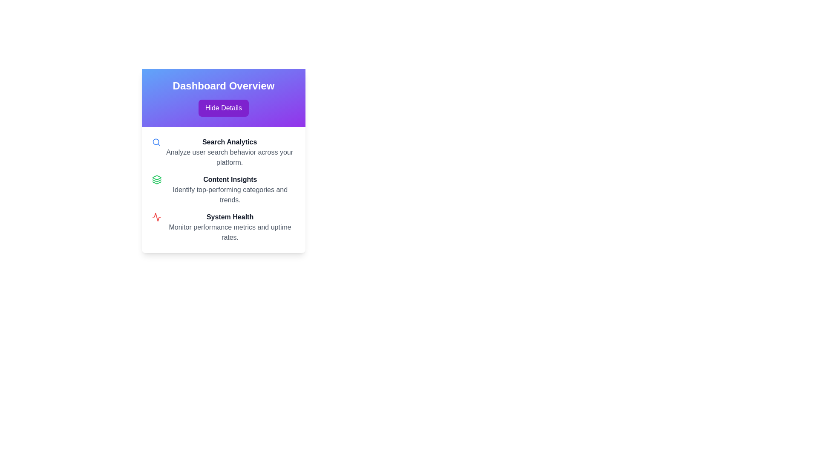  Describe the element at coordinates (230, 152) in the screenshot. I see `the Text element that serves as a descriptor for analyzing user search behavior, located under 'Dashboard Overview' and above 'Content Insights' and 'System Health'` at that location.